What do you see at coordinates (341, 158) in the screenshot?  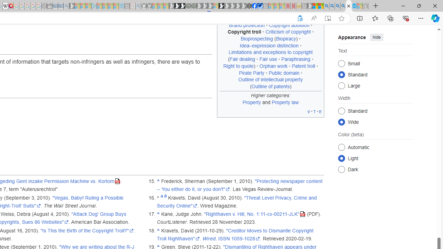 I see `'Light'` at bounding box center [341, 158].